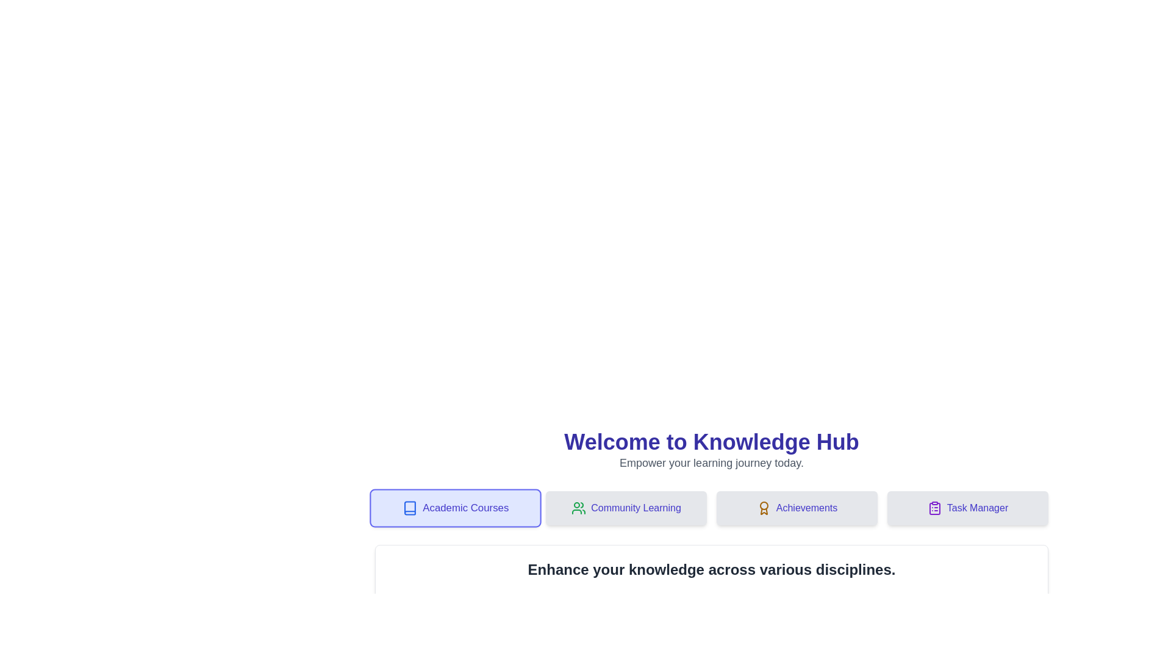  I want to click on the title text 'Welcome to Knowledge Hub' to highlight it, so click(711, 442).